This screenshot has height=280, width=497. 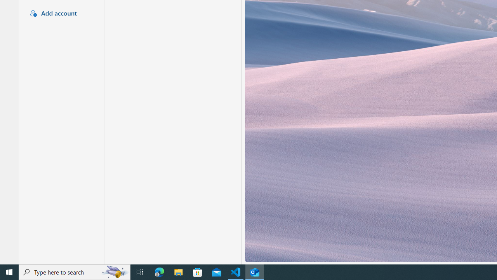 I want to click on 'Add account', so click(x=60, y=14).